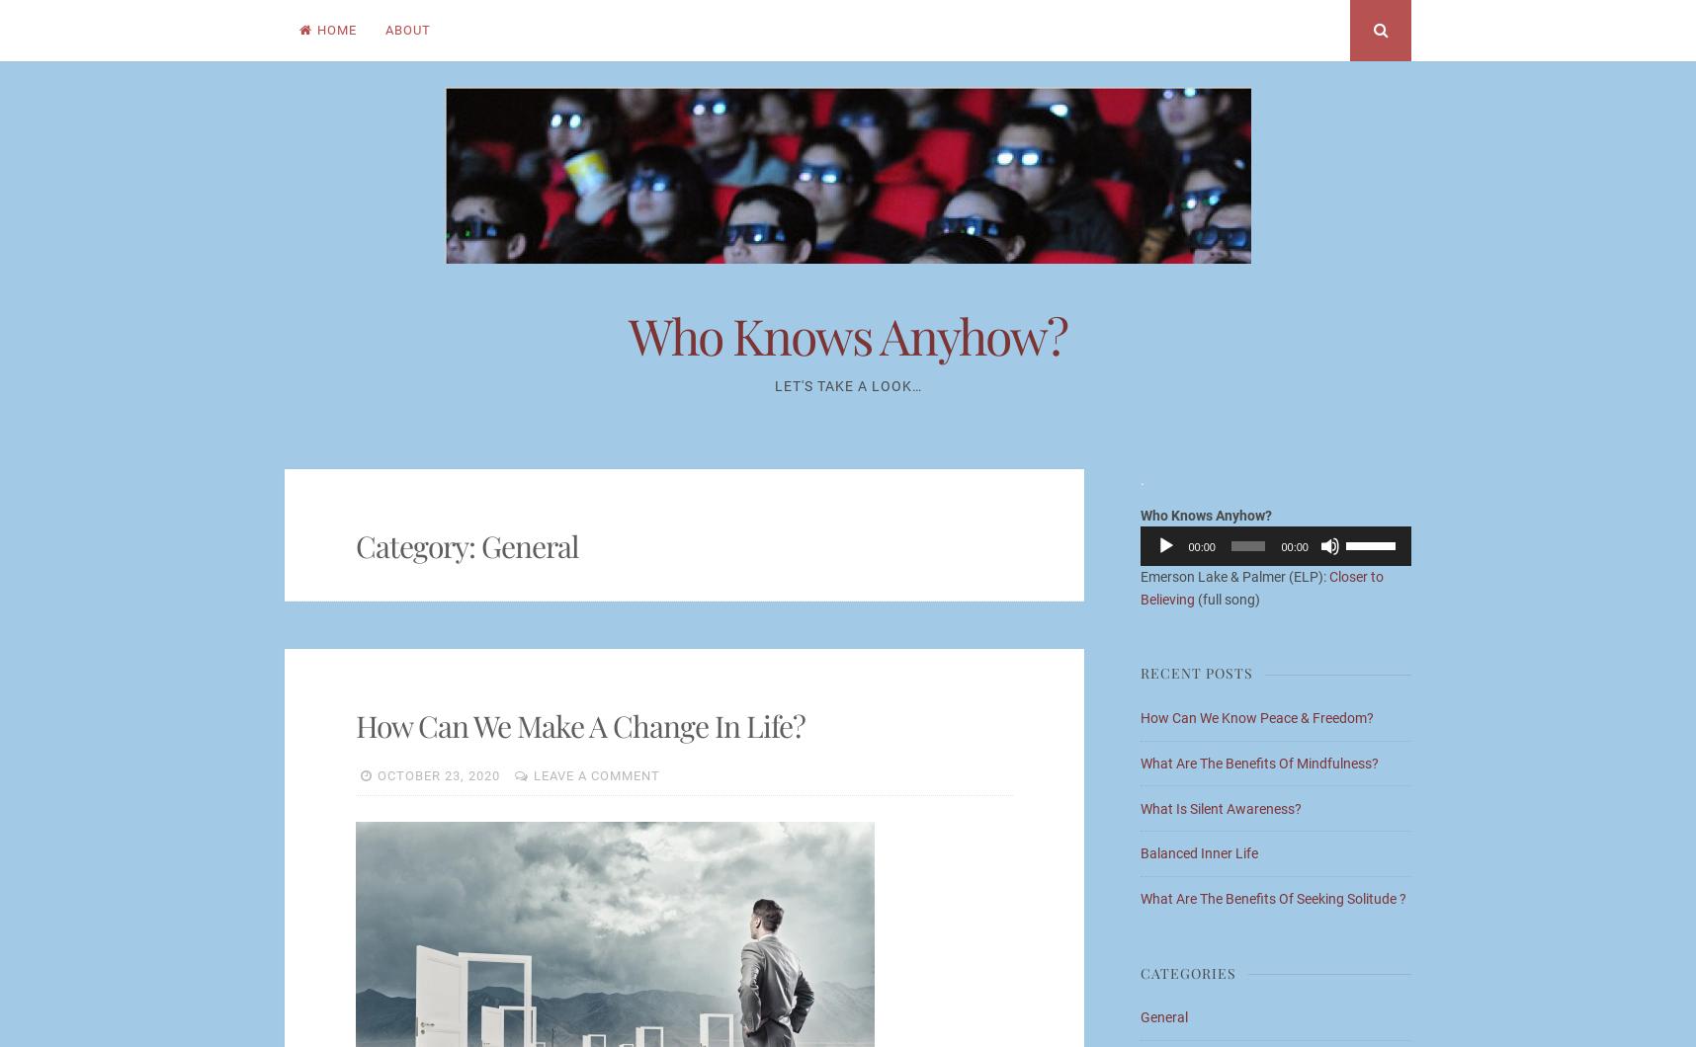 The height and width of the screenshot is (1047, 1696). What do you see at coordinates (1140, 576) in the screenshot?
I see `'Emerson Lake & Palmer (ELP):'` at bounding box center [1140, 576].